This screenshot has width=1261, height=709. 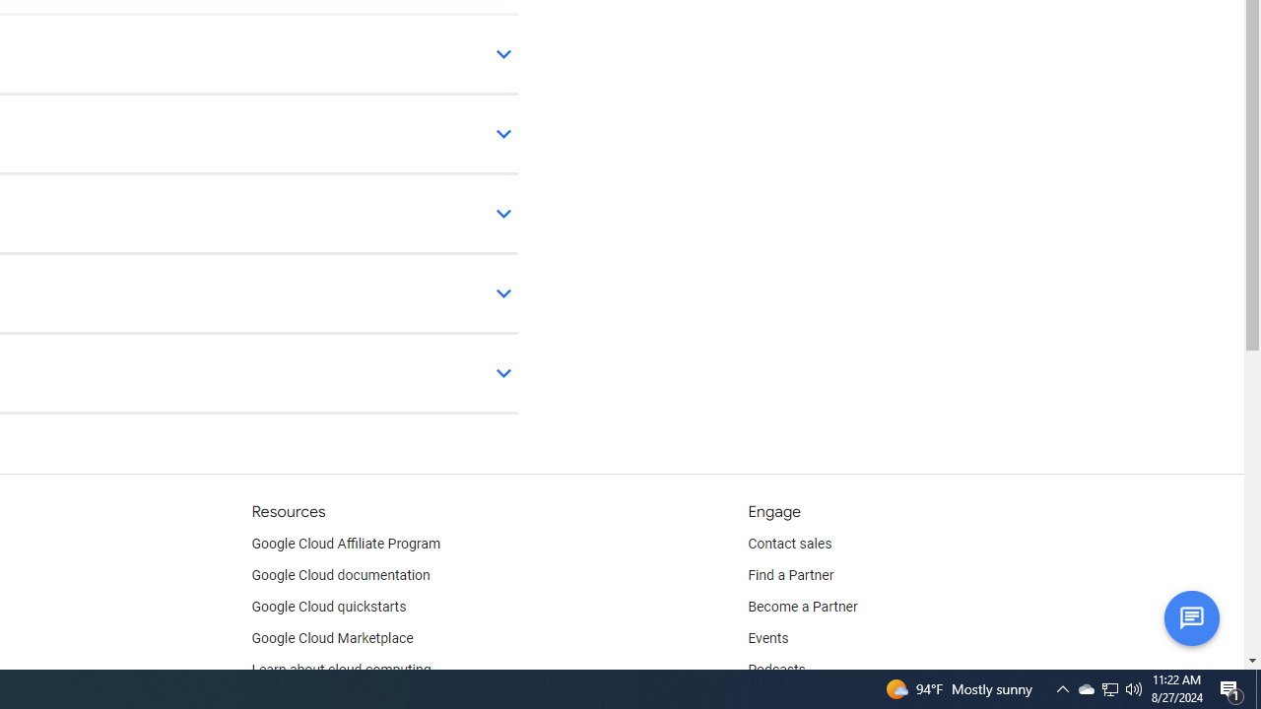 I want to click on 'Find a Partner', so click(x=791, y=576).